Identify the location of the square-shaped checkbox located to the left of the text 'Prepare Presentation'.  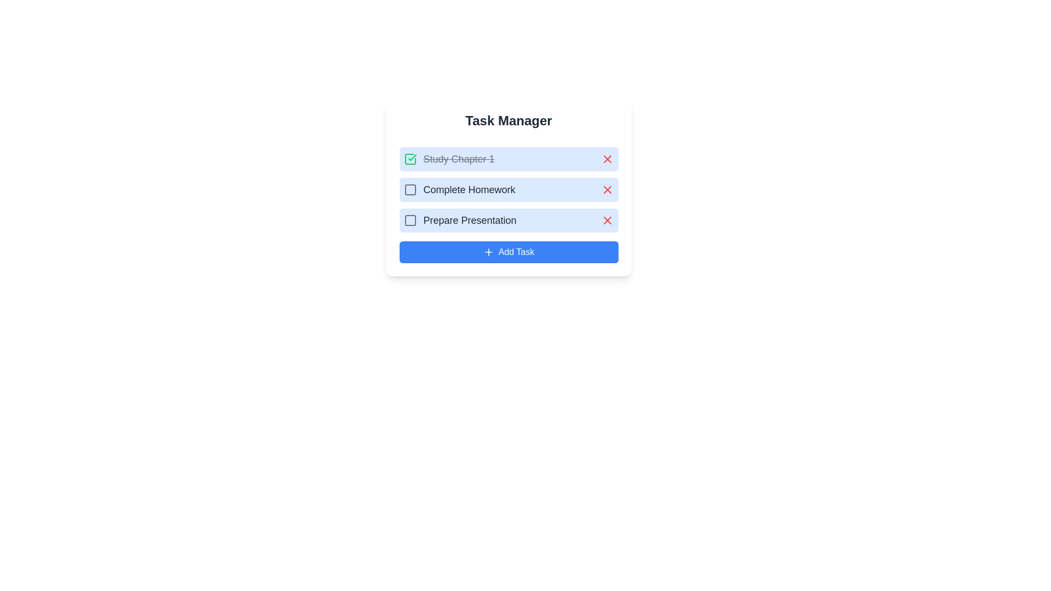
(409, 220).